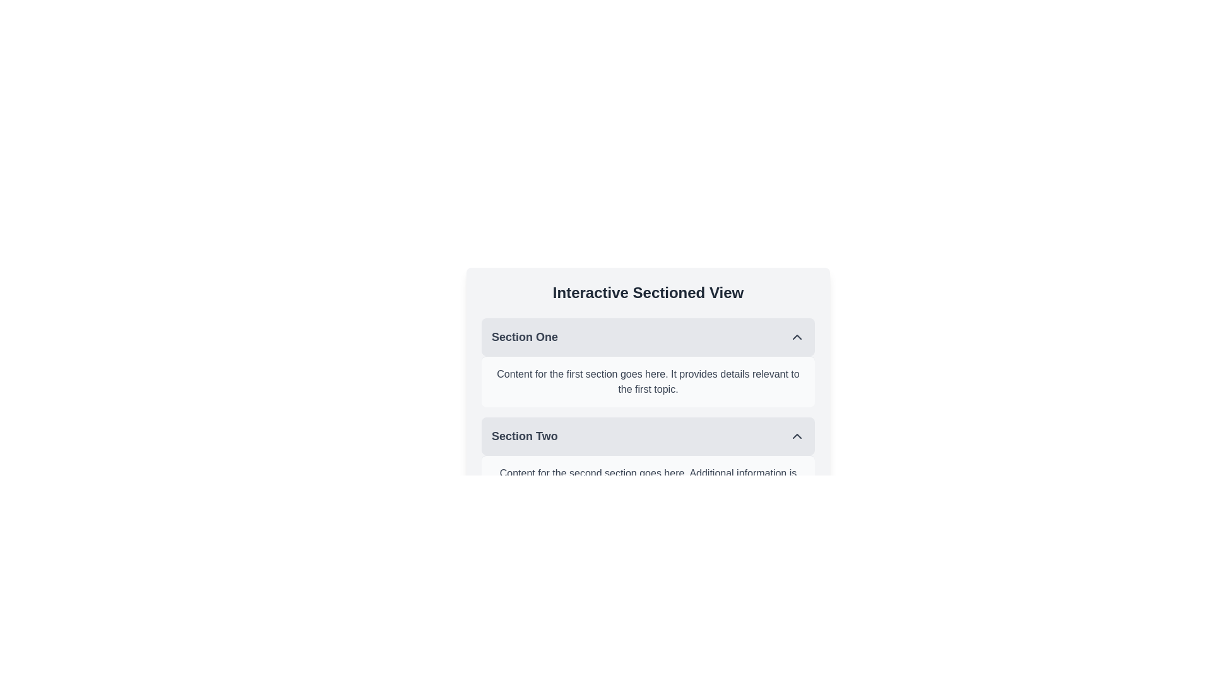 The height and width of the screenshot is (682, 1212). I want to click on the Text block that displays supplementary information related to the second section, located below the header 'Section Two' in the 'Interactive Sectioned View', so click(648, 481).